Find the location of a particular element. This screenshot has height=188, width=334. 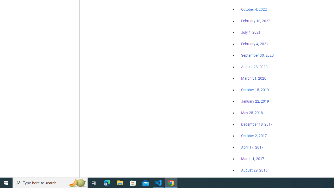

'March 31, 2020' is located at coordinates (254, 78).